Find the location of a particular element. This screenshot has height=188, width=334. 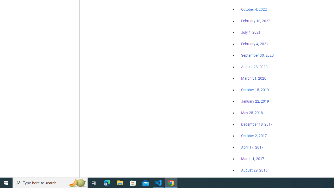

'March 31, 2020' is located at coordinates (254, 78).